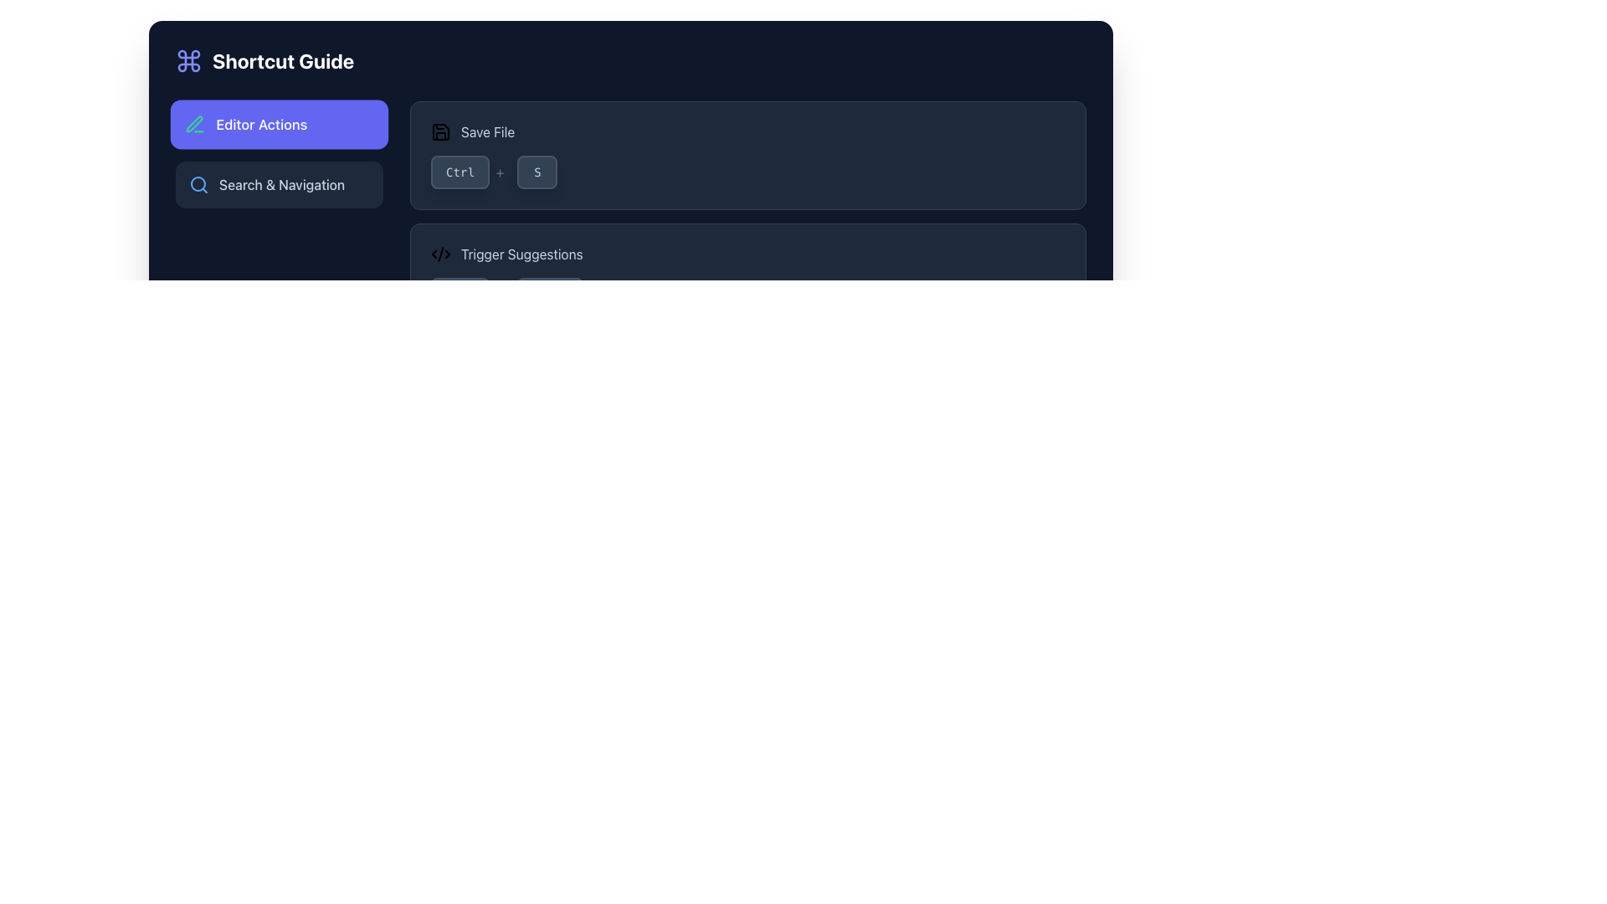 The width and height of the screenshot is (1607, 904). Describe the element at coordinates (280, 184) in the screenshot. I see `the 'Search & Navigation' button, which is a horizontally aligned component with a dark background, rounded corners, and a light blue search icon followed by the text in white` at that location.